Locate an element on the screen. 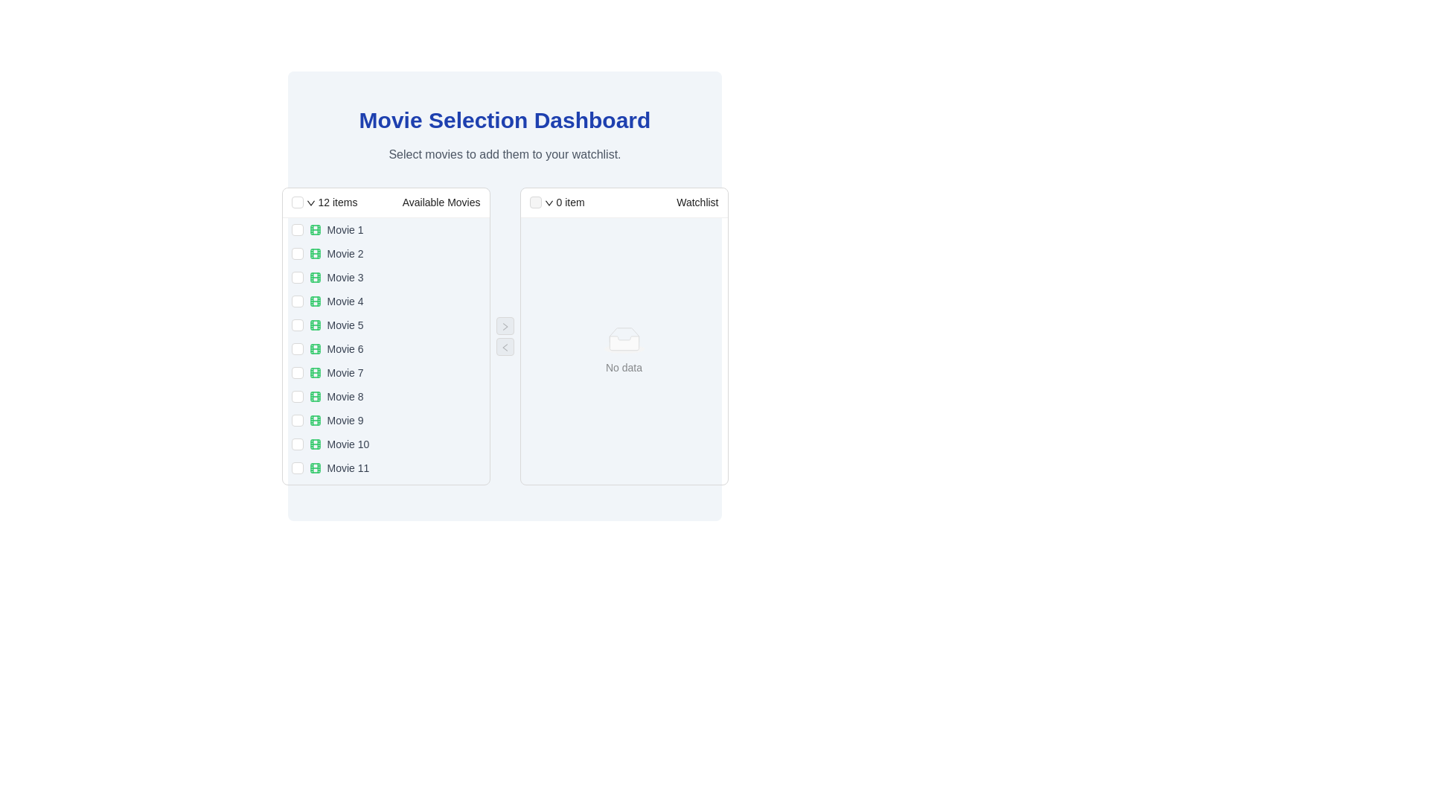 Image resolution: width=1429 pixels, height=804 pixels. the checkbox for 'Movie 2' in the 'Available Movies' list to trigger potential mouseover effects is located at coordinates (297, 252).